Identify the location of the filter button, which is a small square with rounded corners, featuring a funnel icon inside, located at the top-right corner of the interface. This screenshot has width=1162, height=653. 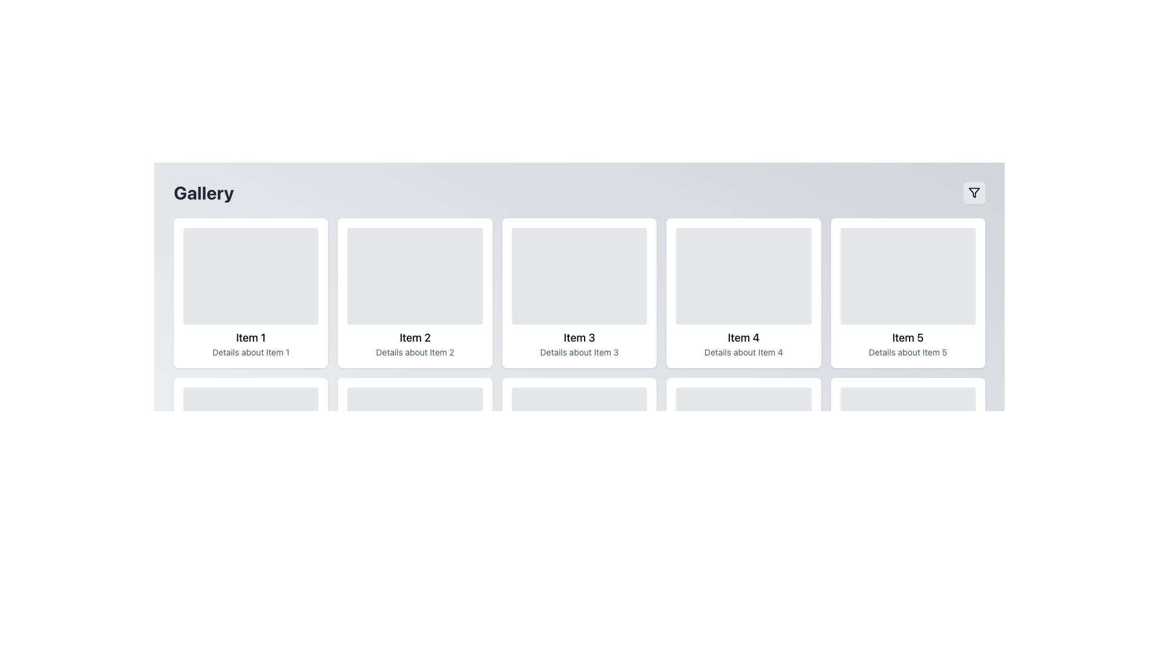
(974, 192).